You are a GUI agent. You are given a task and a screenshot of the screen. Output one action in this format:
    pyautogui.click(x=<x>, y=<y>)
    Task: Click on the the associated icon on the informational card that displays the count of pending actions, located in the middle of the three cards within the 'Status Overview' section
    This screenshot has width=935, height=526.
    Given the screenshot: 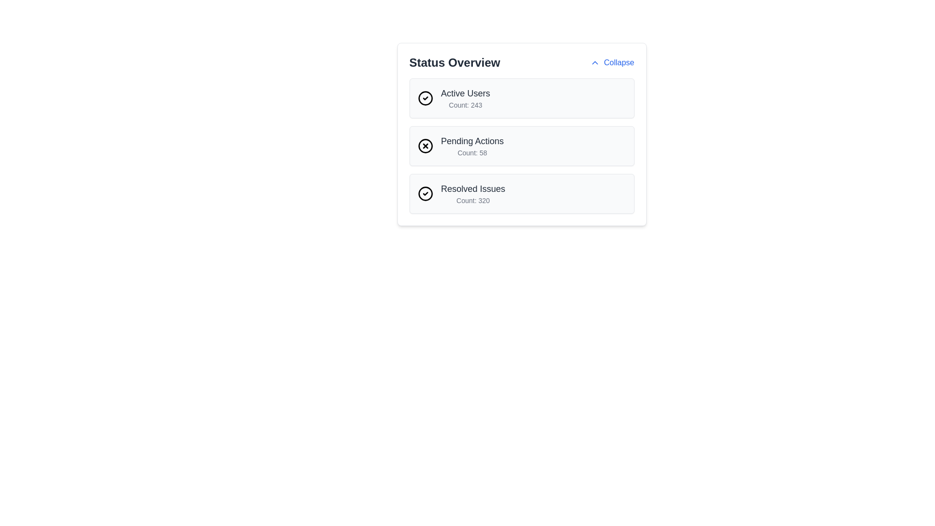 What is the action you would take?
    pyautogui.click(x=521, y=134)
    